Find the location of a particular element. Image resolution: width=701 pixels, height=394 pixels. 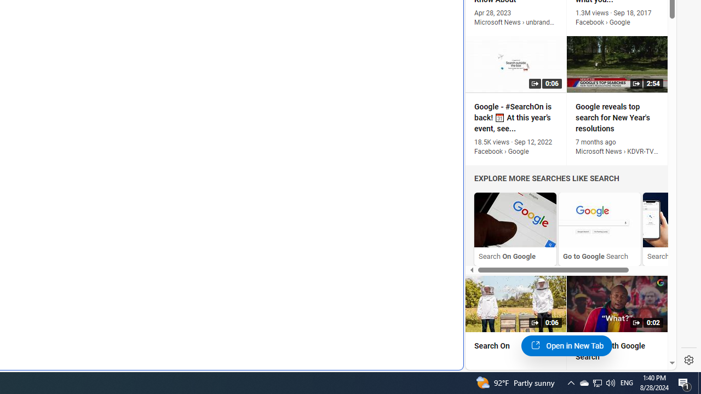

'Settings' is located at coordinates (688, 360).